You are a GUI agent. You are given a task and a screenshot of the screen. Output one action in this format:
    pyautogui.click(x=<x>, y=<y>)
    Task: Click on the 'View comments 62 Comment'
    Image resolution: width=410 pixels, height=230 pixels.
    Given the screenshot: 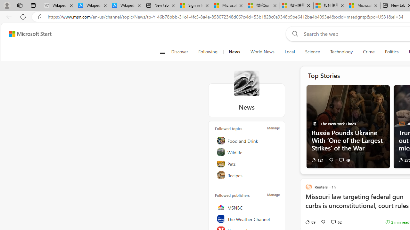 What is the action you would take?
    pyautogui.click(x=336, y=222)
    